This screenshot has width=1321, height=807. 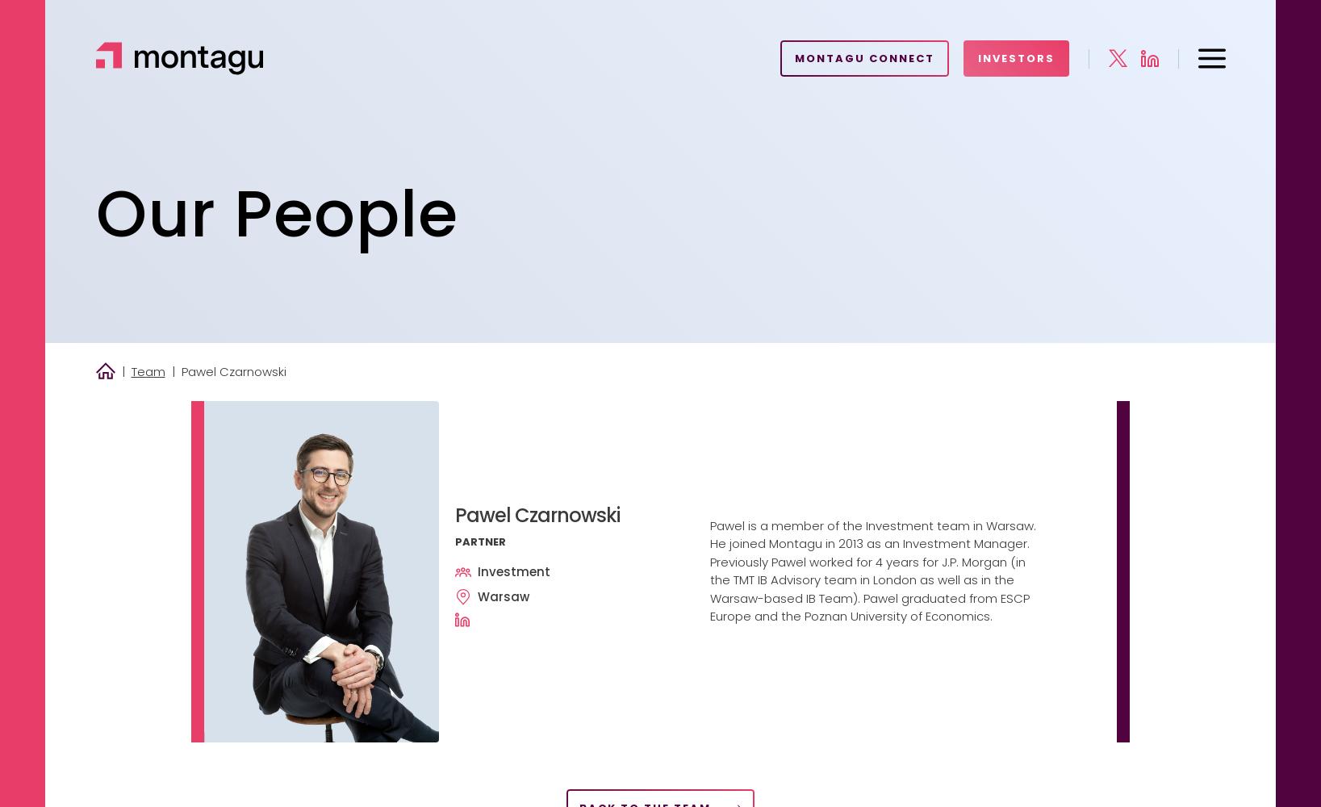 What do you see at coordinates (276, 214) in the screenshot?
I see `'Our People'` at bounding box center [276, 214].